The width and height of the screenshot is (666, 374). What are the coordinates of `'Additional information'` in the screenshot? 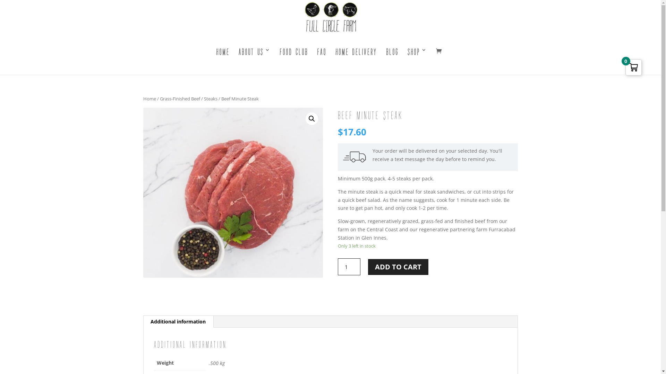 It's located at (143, 322).